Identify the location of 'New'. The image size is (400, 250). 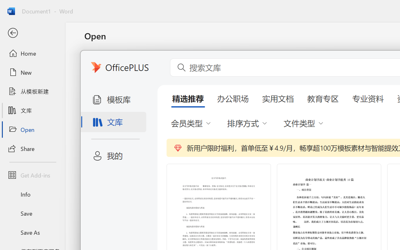
(32, 72).